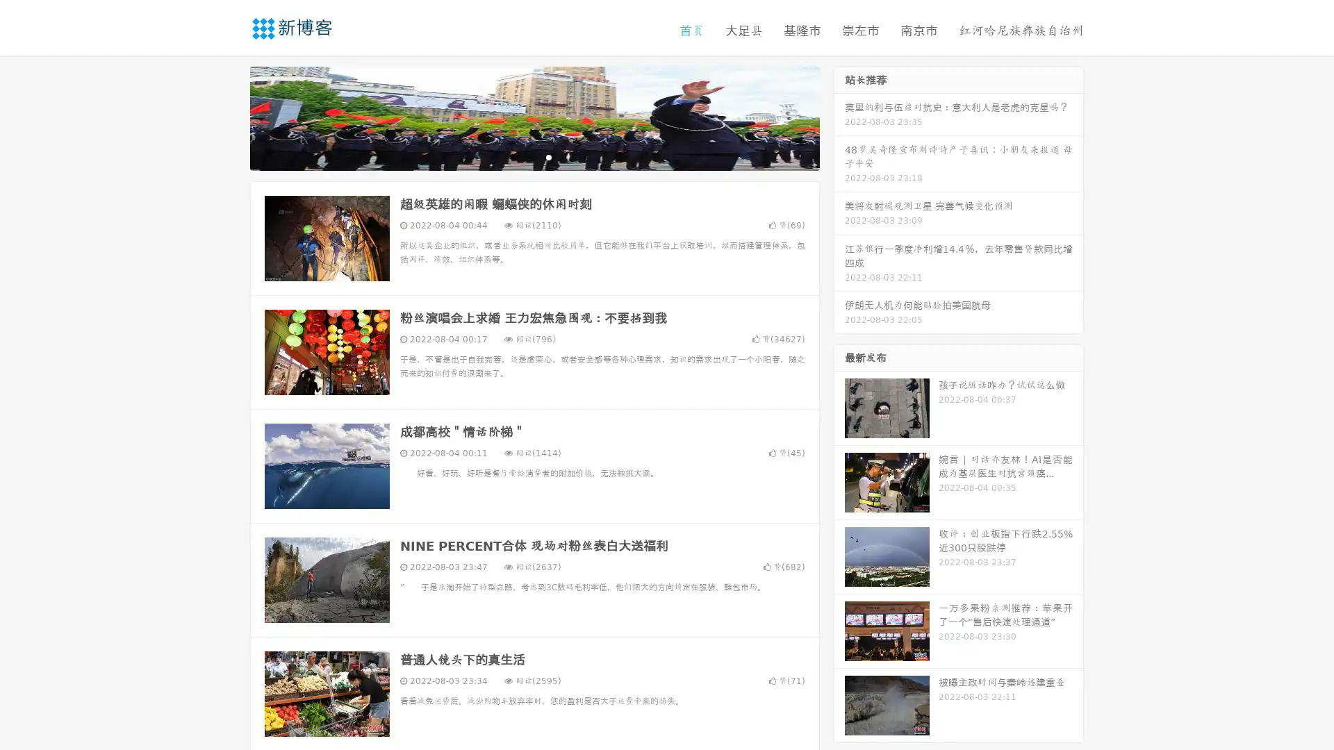 This screenshot has width=1334, height=750. Describe the element at coordinates (229, 117) in the screenshot. I see `Previous slide` at that location.